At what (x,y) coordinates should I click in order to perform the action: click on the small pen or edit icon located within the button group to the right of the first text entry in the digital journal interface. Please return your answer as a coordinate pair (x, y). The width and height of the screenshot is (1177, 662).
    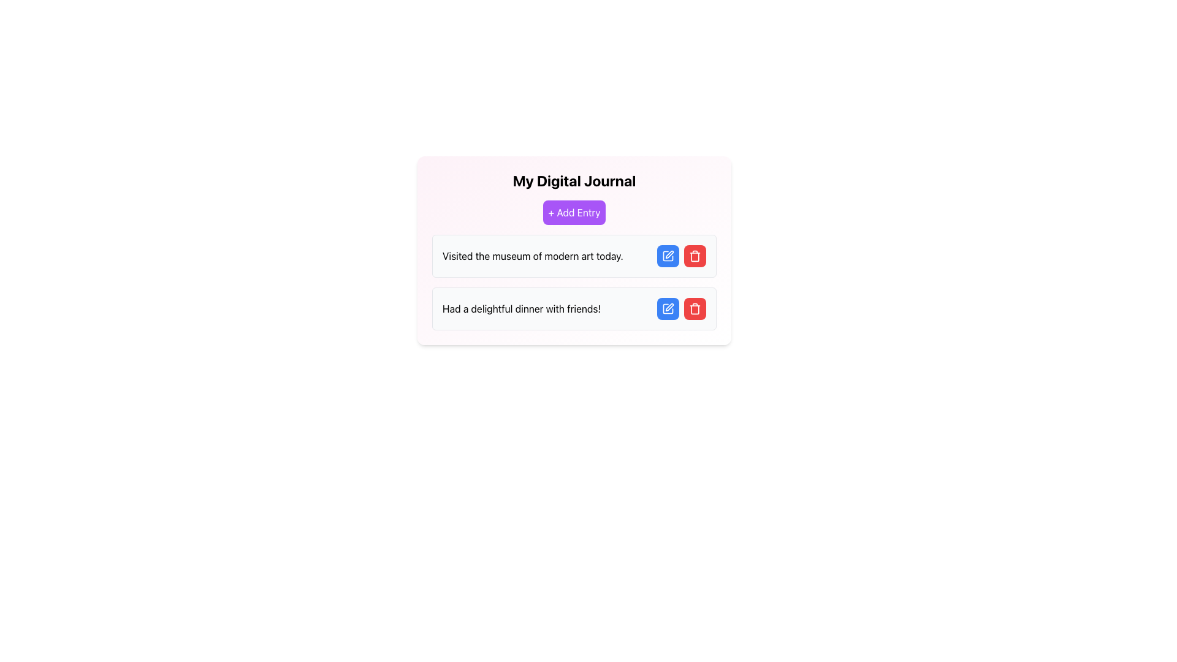
    Looking at the image, I should click on (669, 254).